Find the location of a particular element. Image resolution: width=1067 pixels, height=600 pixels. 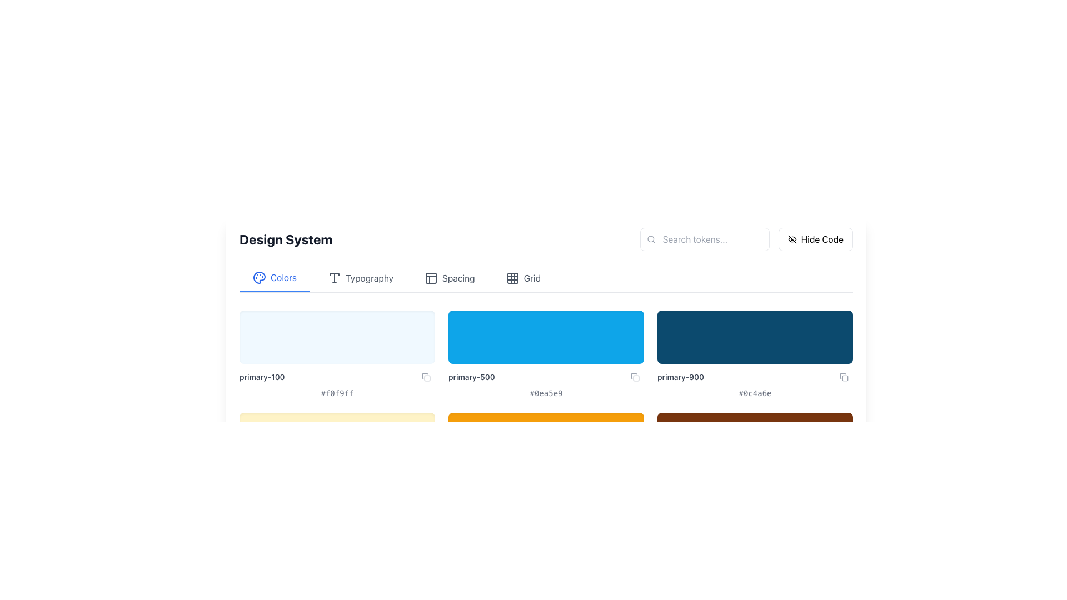

the color token display slot showing the name 'primary-900' and hexadecimal value '#0c4a6e' is located at coordinates (755, 355).